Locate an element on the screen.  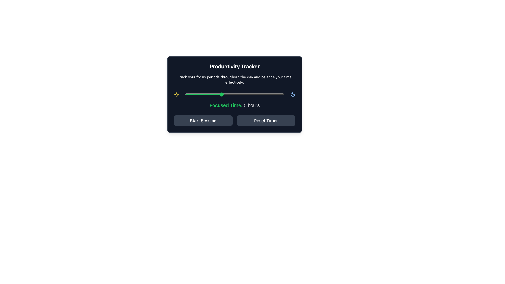
the focus duration is located at coordinates (221, 94).